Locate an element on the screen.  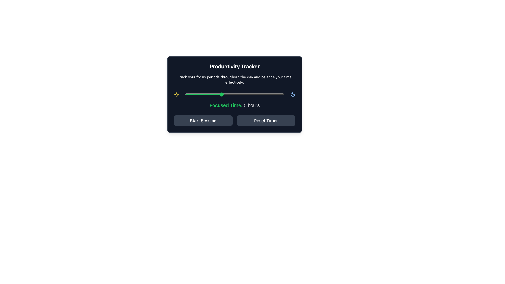
the focus duration is located at coordinates (221, 94).